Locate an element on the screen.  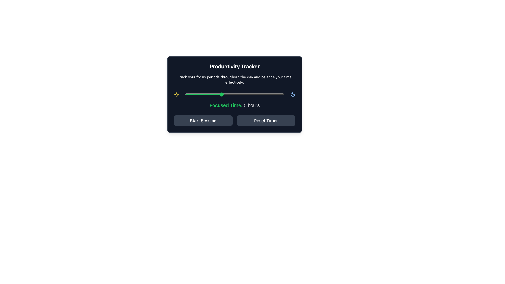
the focus duration is located at coordinates (221, 94).